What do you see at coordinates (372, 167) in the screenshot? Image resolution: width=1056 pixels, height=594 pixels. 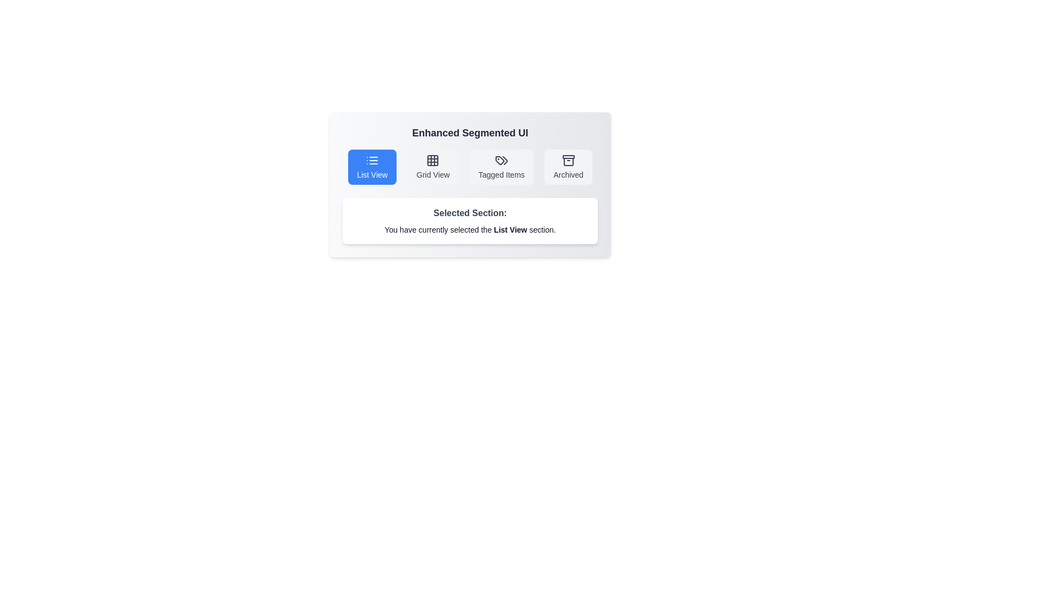 I see `the 'List View' button, which is a rectangular button with rounded edges, blue background, and white text, located under the title 'Enhanced Segmented UI'` at bounding box center [372, 167].